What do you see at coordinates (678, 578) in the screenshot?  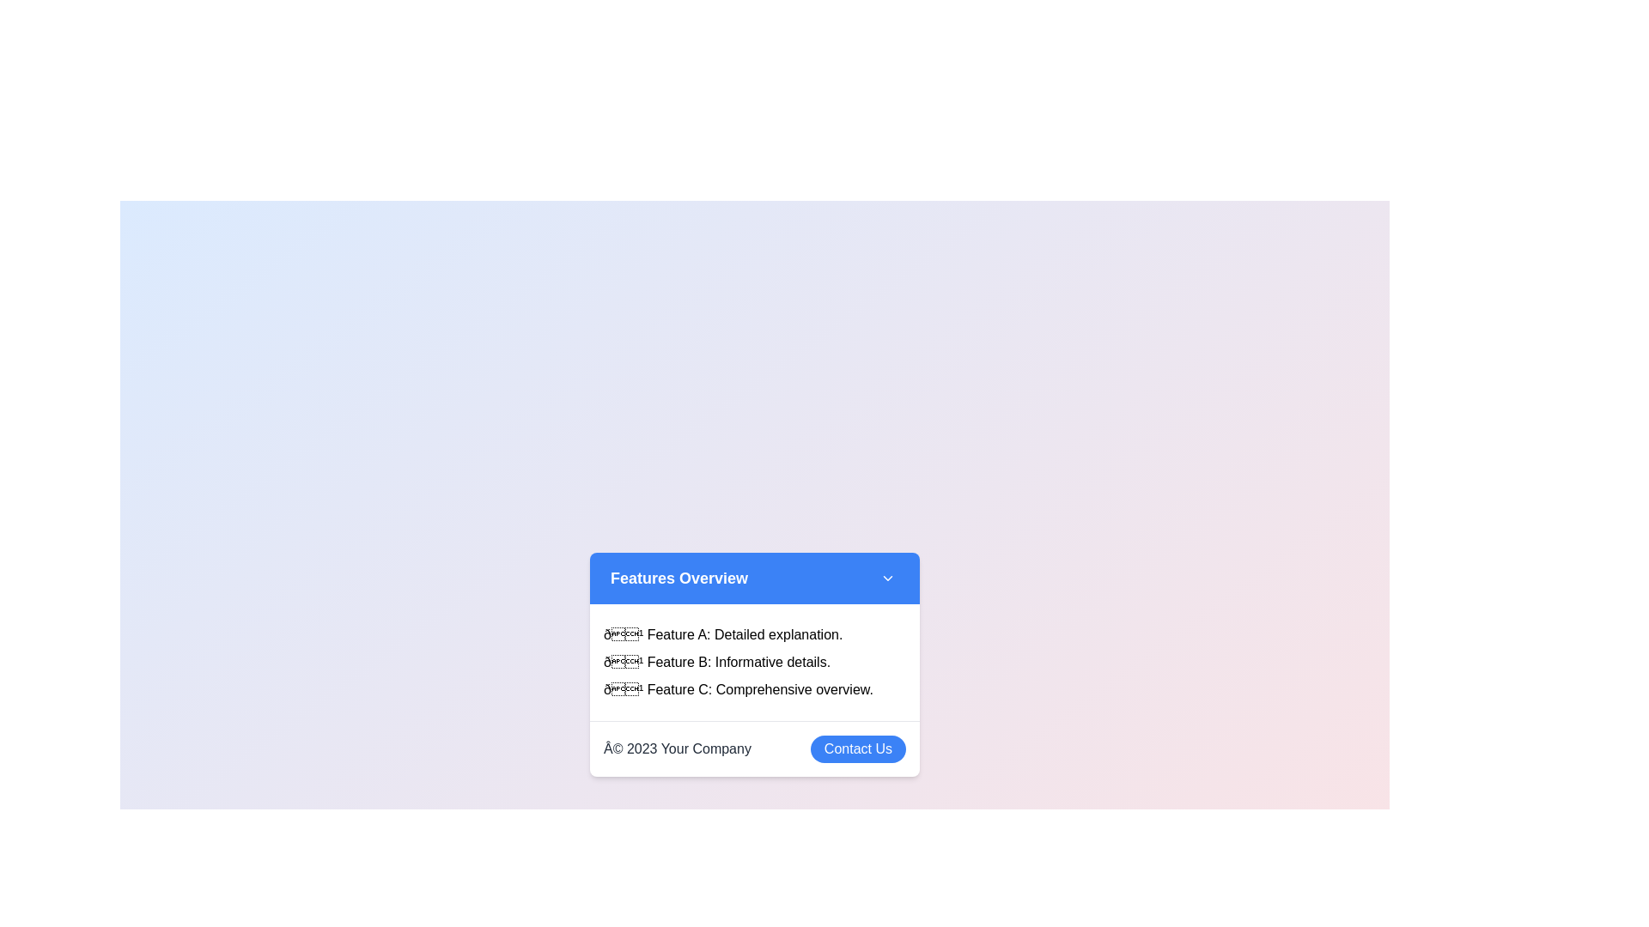 I see `the text label displaying 'Features Overview', which is styled with bold, white text on a blue background and located in the blue header bar of a dropdown-like component` at bounding box center [678, 578].